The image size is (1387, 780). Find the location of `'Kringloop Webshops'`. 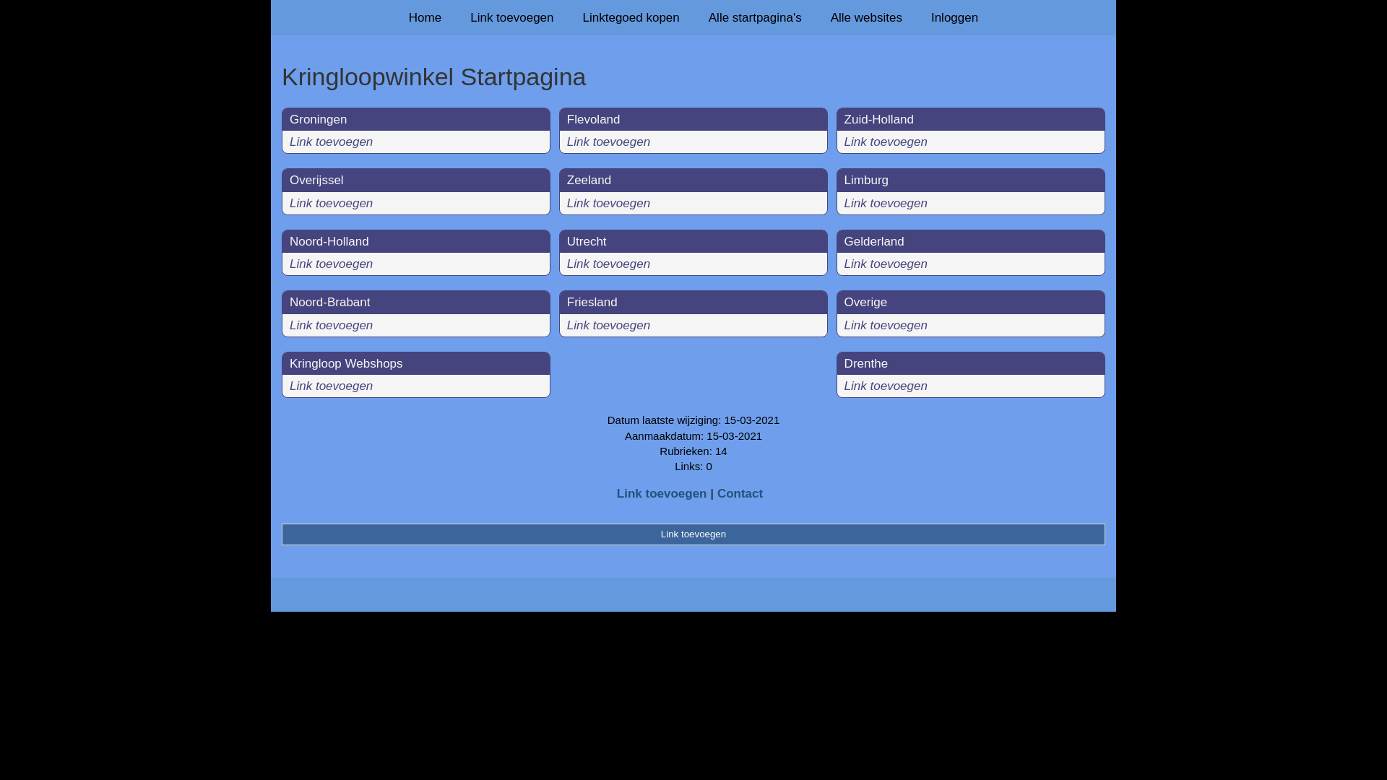

'Kringloop Webshops' is located at coordinates (345, 363).